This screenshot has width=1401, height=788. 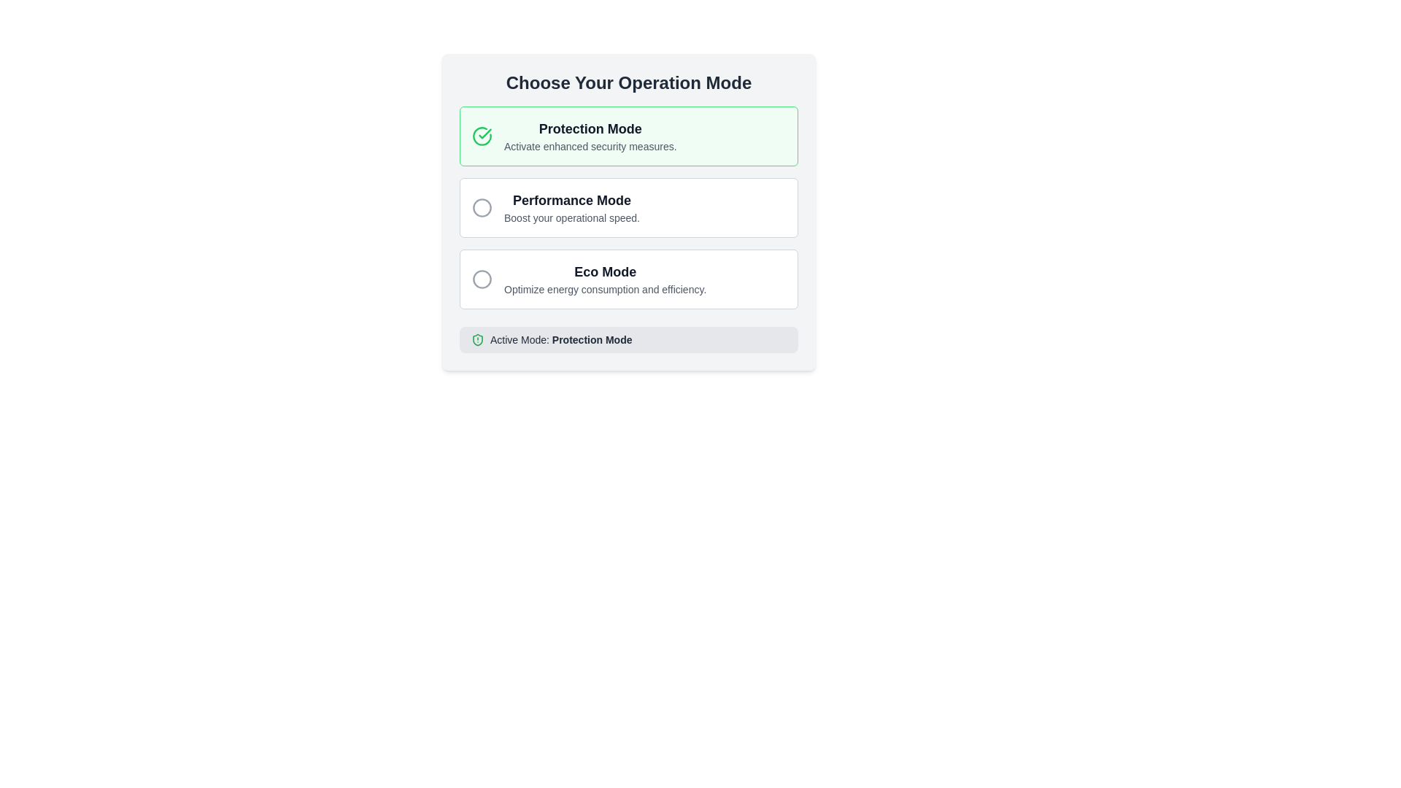 I want to click on the interactive selection indicator (radio button) for the 'Eco Mode Optimize energy consumption and efficiency.' option, so click(x=482, y=279).